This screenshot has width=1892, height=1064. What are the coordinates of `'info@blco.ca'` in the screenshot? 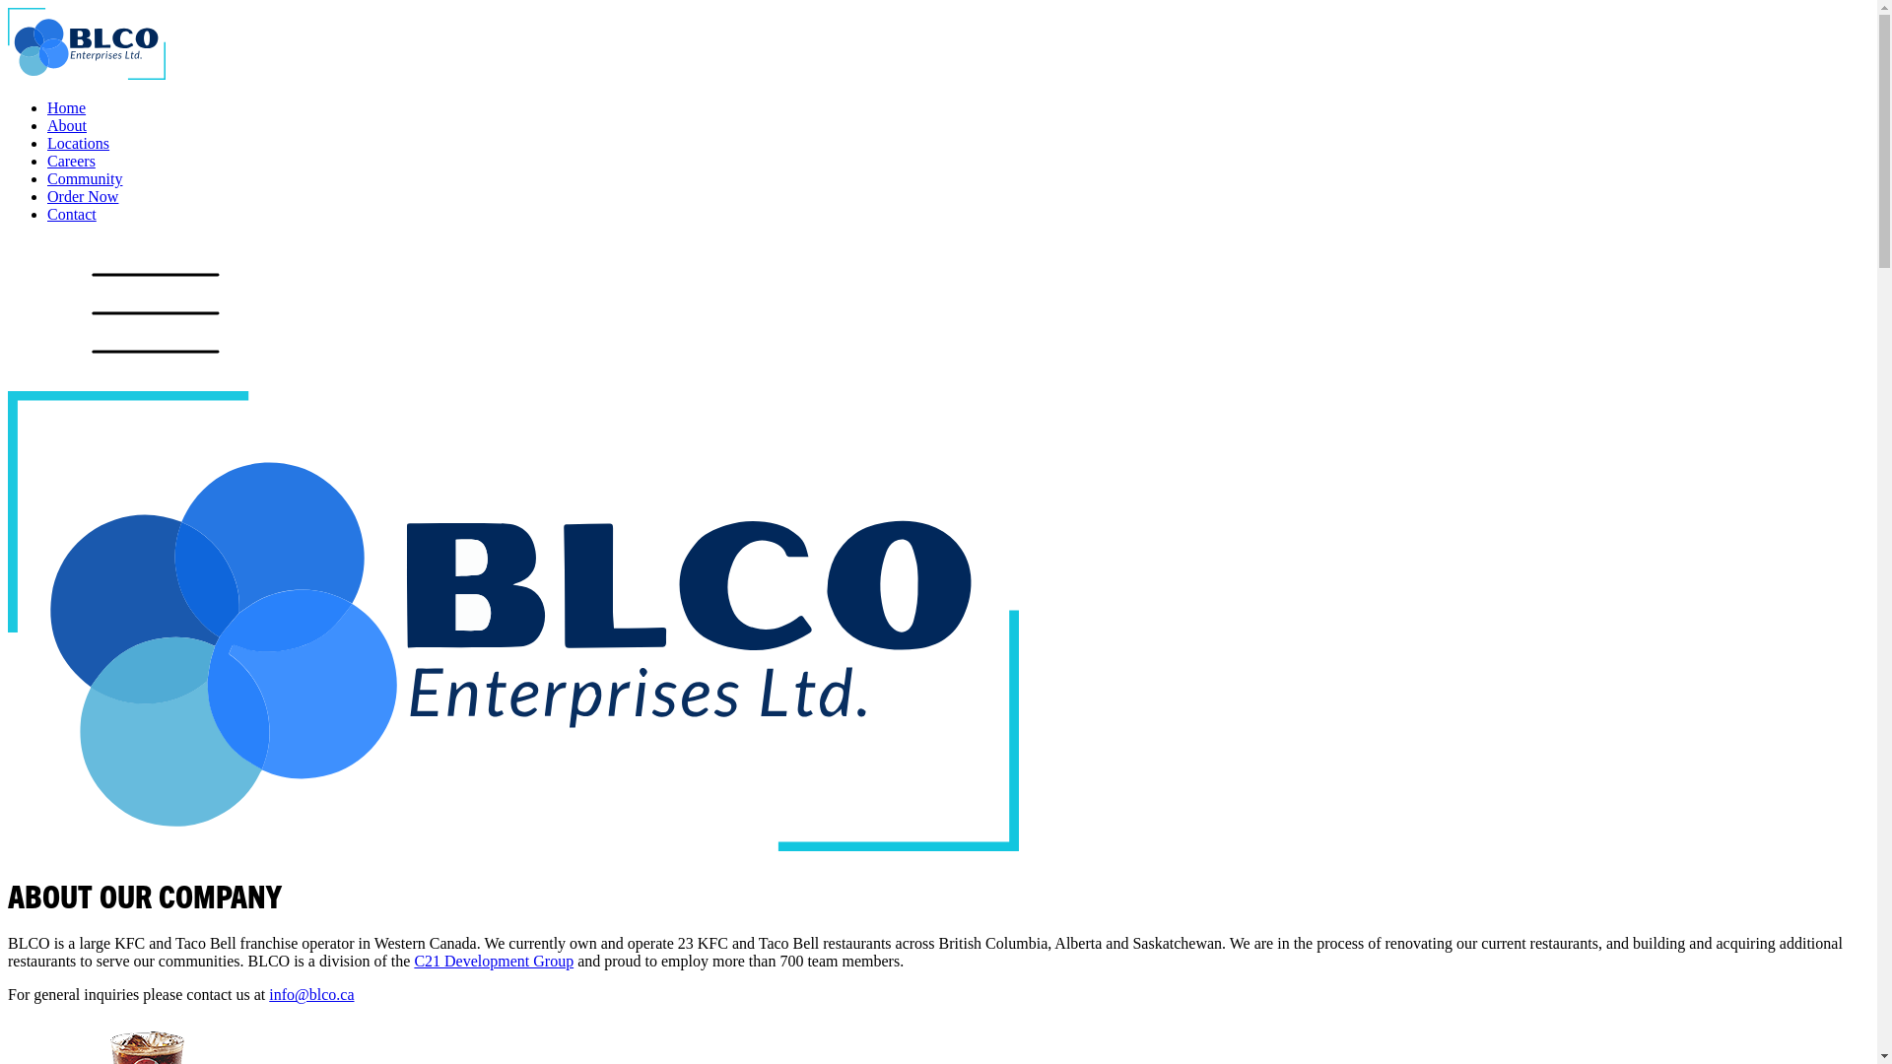 It's located at (310, 994).